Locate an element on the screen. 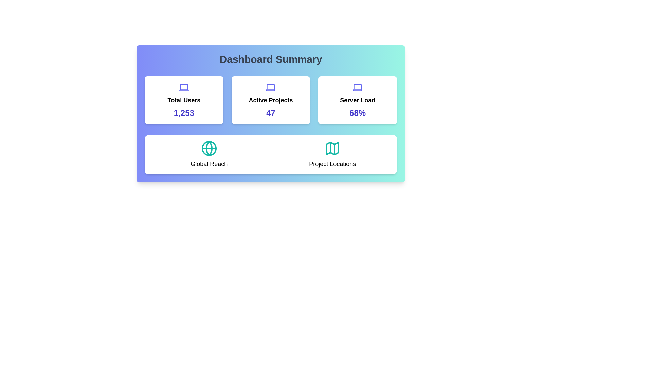 Image resolution: width=652 pixels, height=367 pixels. the text display showing the numeric value '1,253' in indigo color, which is located under the 'Total Users' label in the white card is located at coordinates (184, 112).